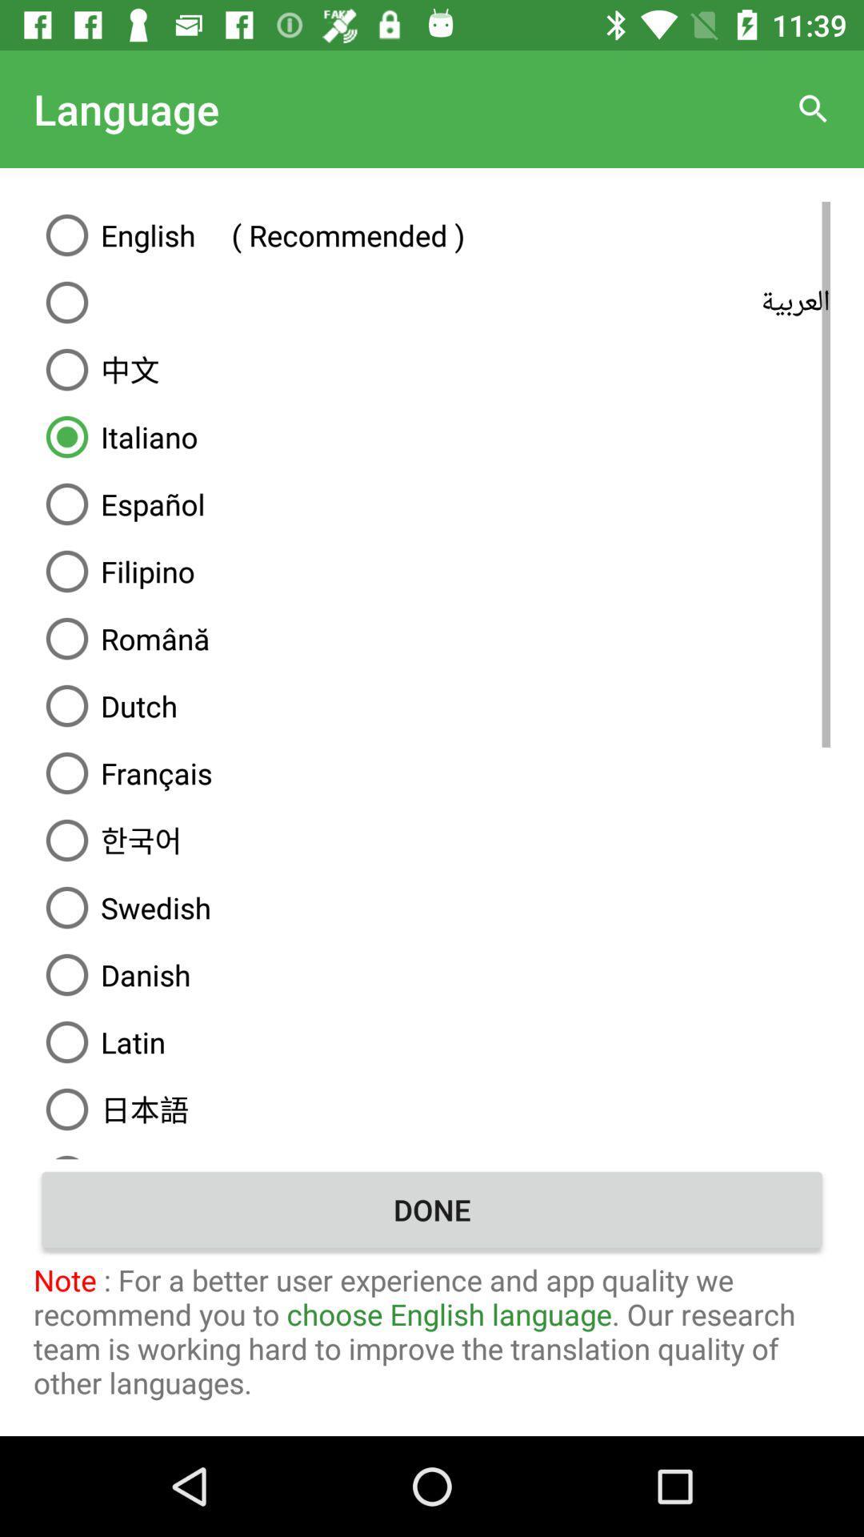 This screenshot has height=1537, width=864. Describe the element at coordinates (432, 1041) in the screenshot. I see `latin icon` at that location.